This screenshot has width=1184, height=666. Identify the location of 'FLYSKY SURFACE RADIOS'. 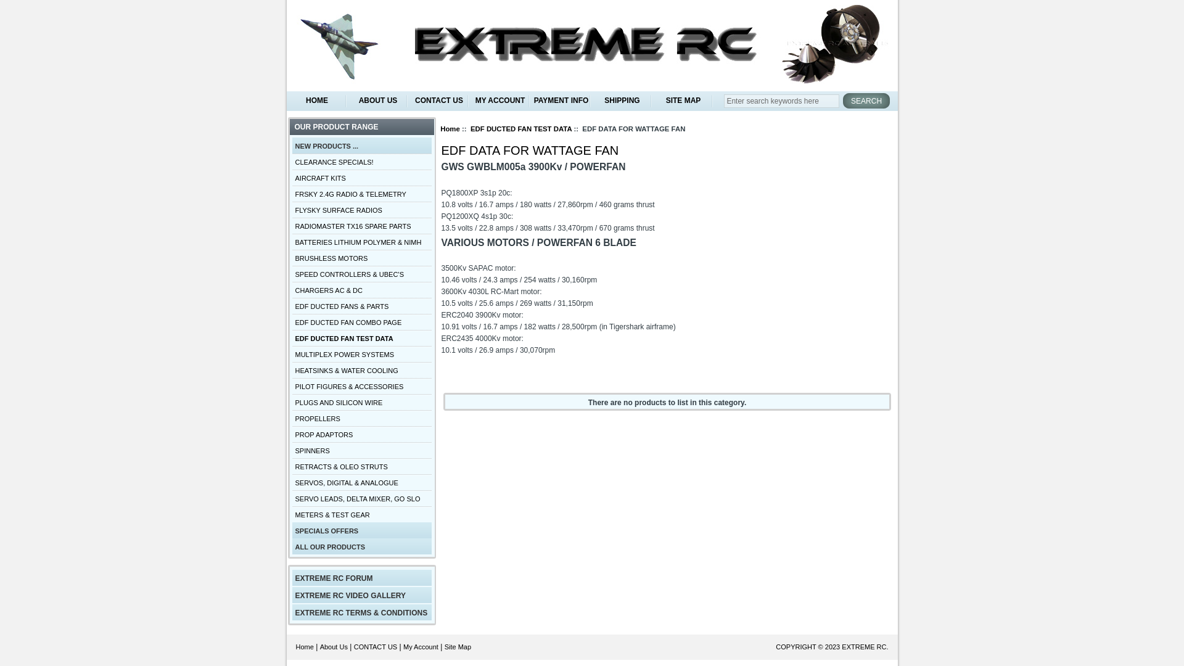
(361, 208).